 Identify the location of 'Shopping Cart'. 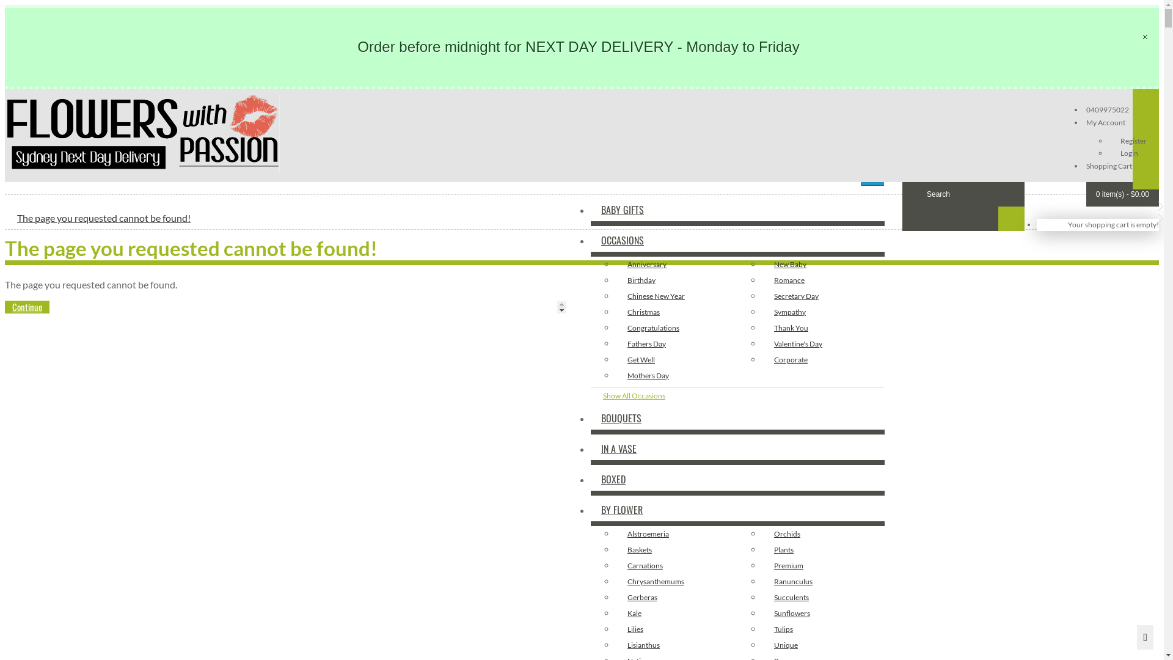
(1108, 166).